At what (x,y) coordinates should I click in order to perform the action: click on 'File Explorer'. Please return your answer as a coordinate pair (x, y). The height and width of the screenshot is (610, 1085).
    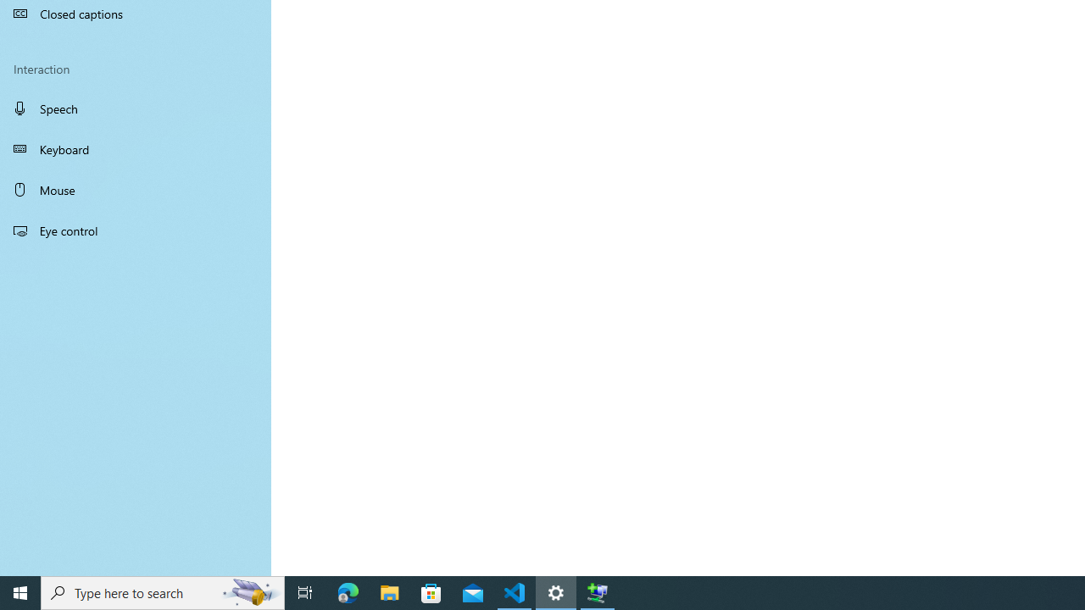
    Looking at the image, I should click on (389, 591).